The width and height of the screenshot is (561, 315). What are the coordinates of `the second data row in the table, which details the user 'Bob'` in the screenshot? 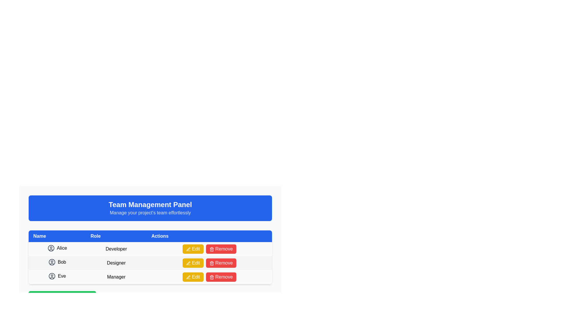 It's located at (150, 263).